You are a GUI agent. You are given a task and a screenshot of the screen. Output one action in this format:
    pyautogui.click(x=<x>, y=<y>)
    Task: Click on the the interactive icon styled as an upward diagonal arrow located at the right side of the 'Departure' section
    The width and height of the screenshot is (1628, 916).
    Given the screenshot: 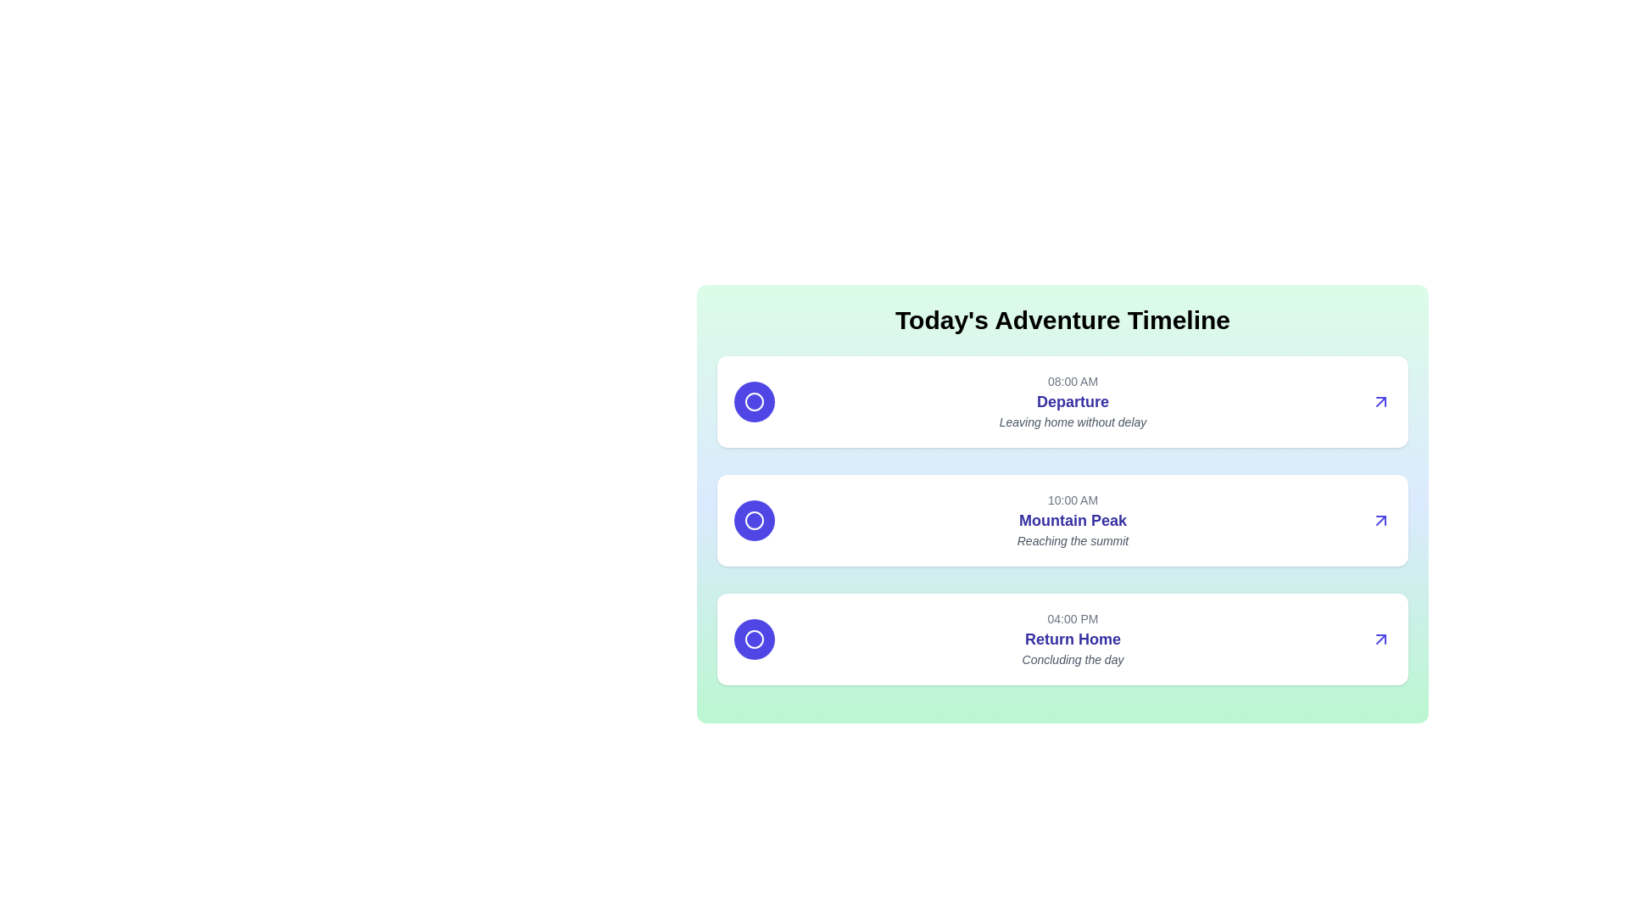 What is the action you would take?
    pyautogui.click(x=1380, y=402)
    